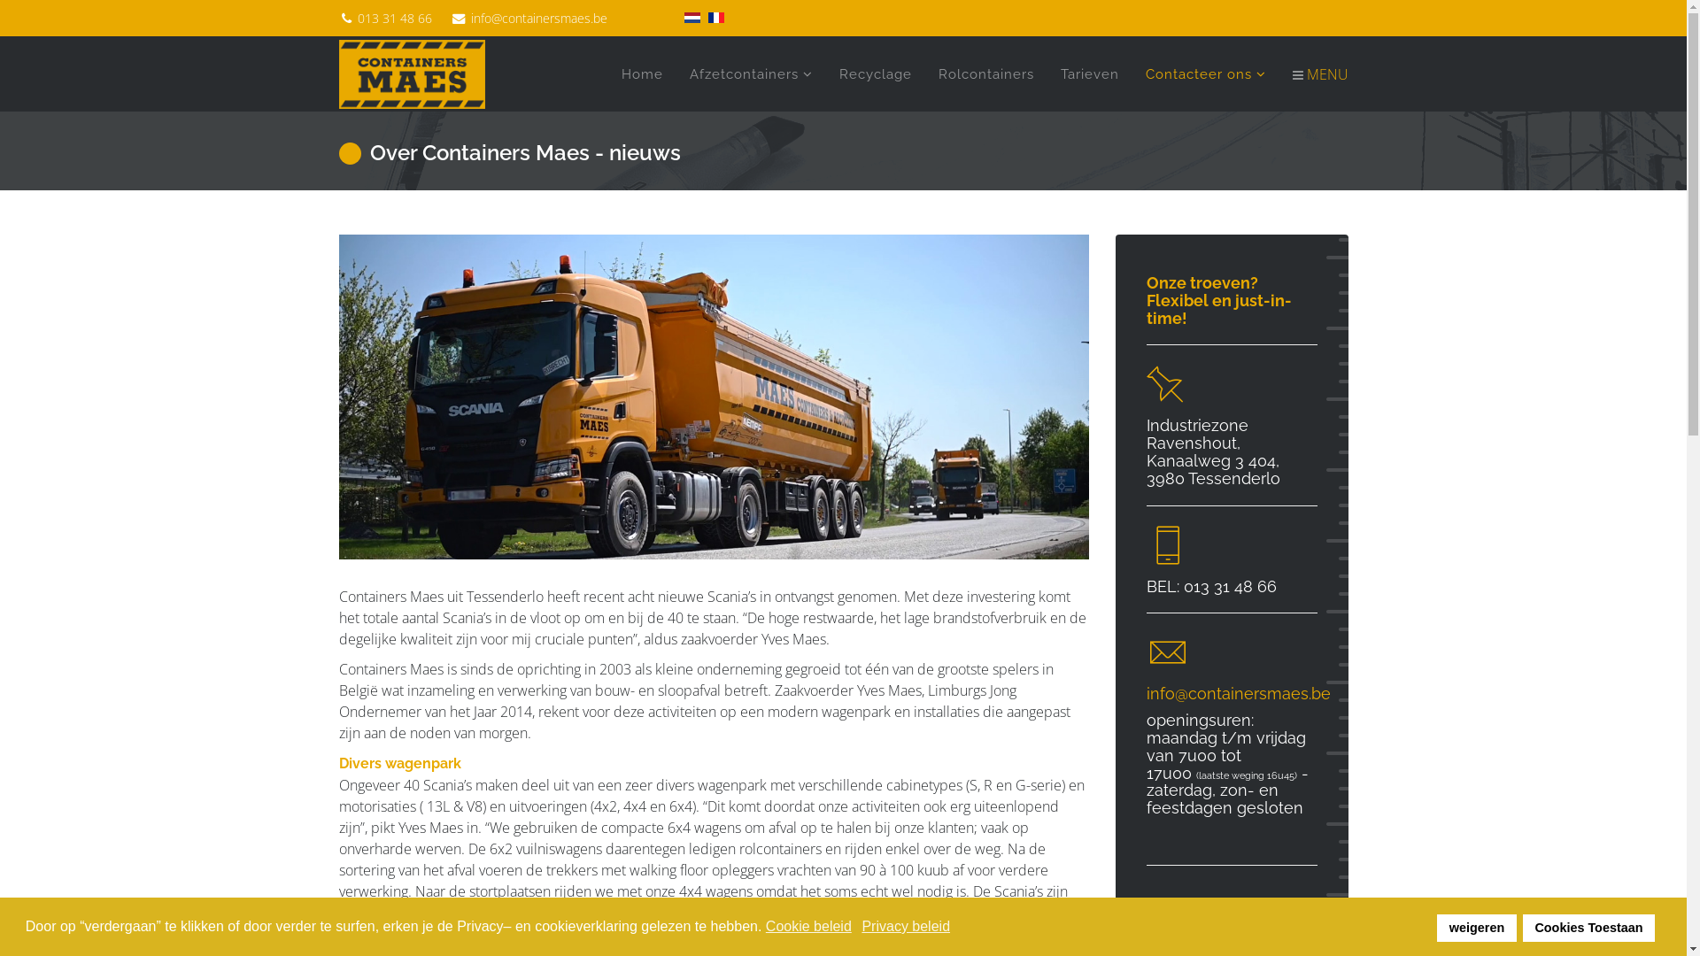  Describe the element at coordinates (538, 18) in the screenshot. I see `'info@containersmaes.be'` at that location.